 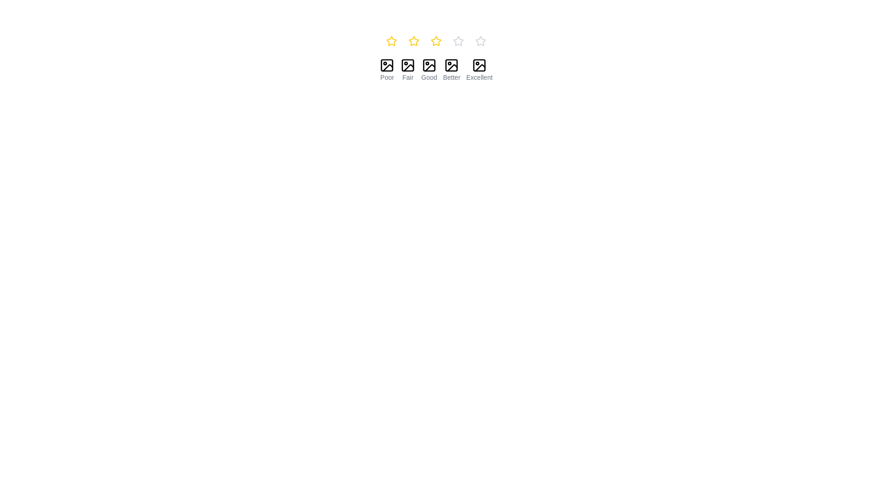 What do you see at coordinates (407, 65) in the screenshot?
I see `the 'Fair' rating graphical icon, which is the second icon in a row of five rating icons, located centrally below the second star icon above it` at bounding box center [407, 65].